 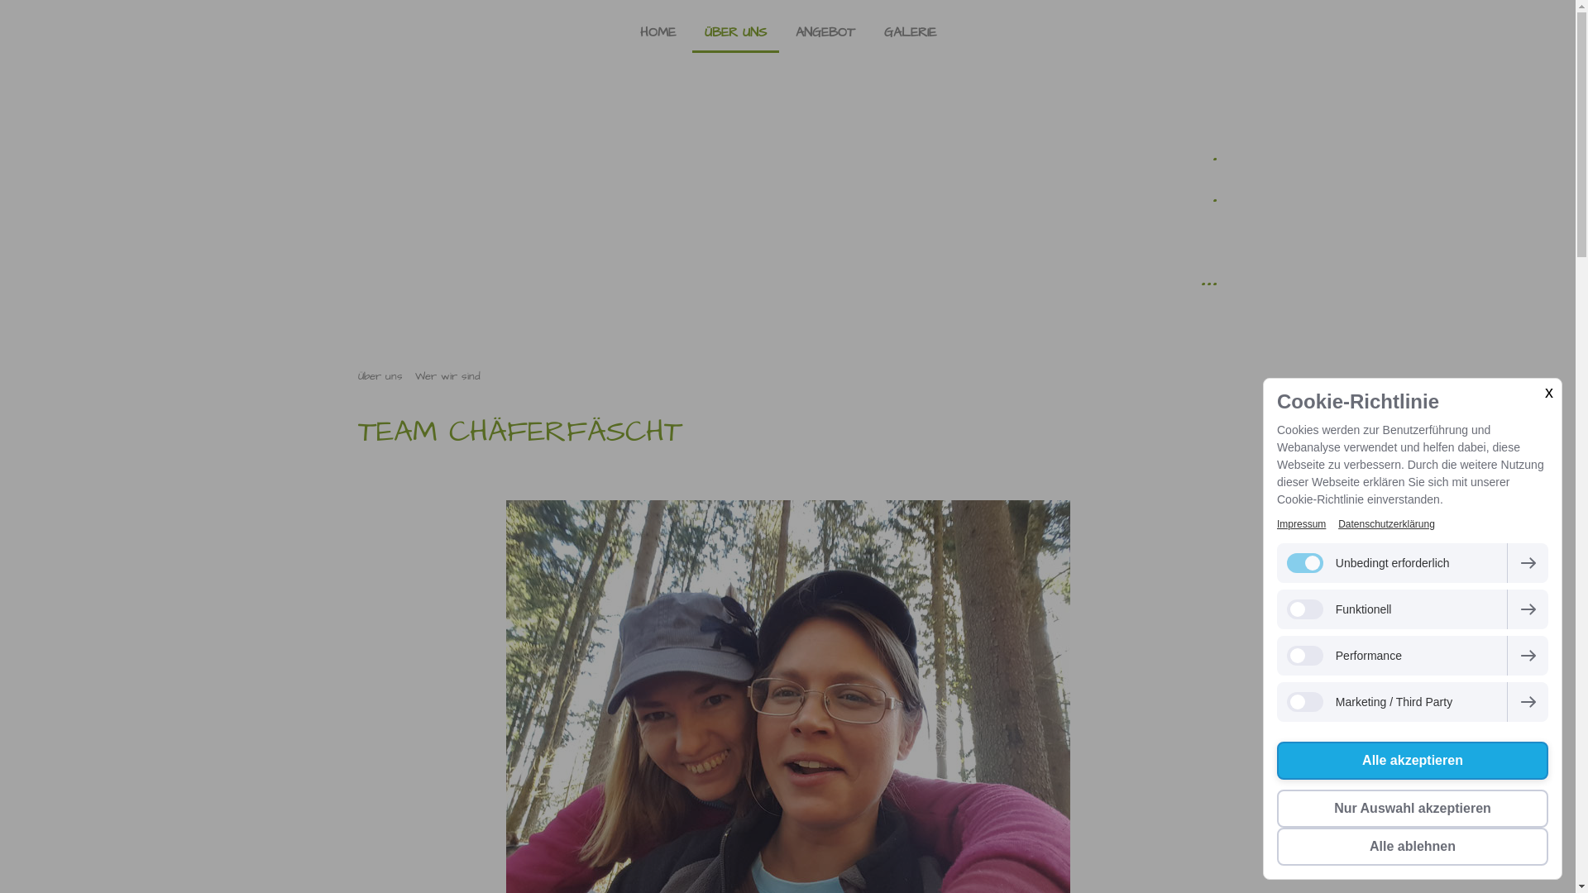 What do you see at coordinates (1412, 846) in the screenshot?
I see `'Alle ablehnen'` at bounding box center [1412, 846].